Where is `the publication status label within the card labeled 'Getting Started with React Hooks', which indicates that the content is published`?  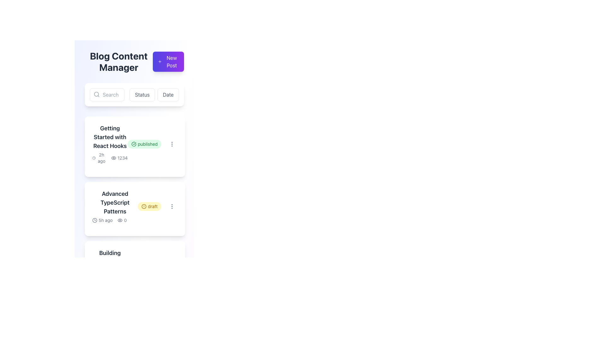 the publication status label within the card labeled 'Getting Started with React Hooks', which indicates that the content is published is located at coordinates (153, 144).